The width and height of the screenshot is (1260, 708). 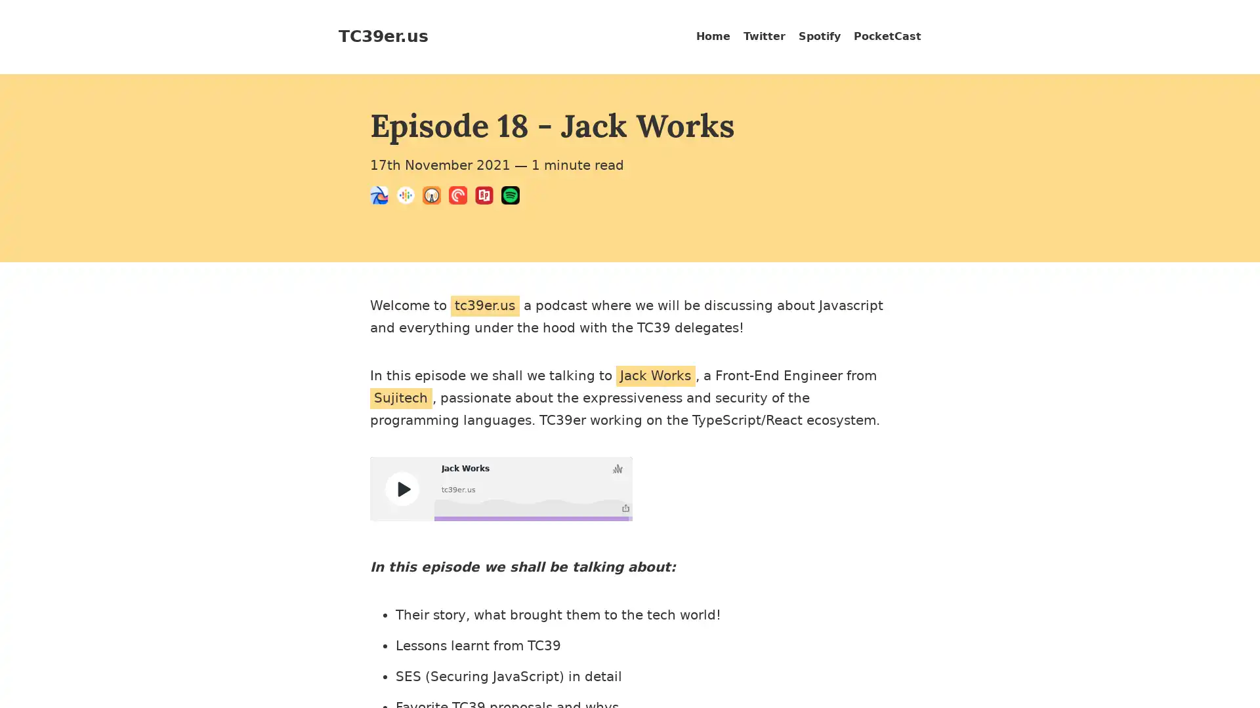 What do you see at coordinates (488, 197) in the screenshot?
I see `RadioPublic Logo` at bounding box center [488, 197].